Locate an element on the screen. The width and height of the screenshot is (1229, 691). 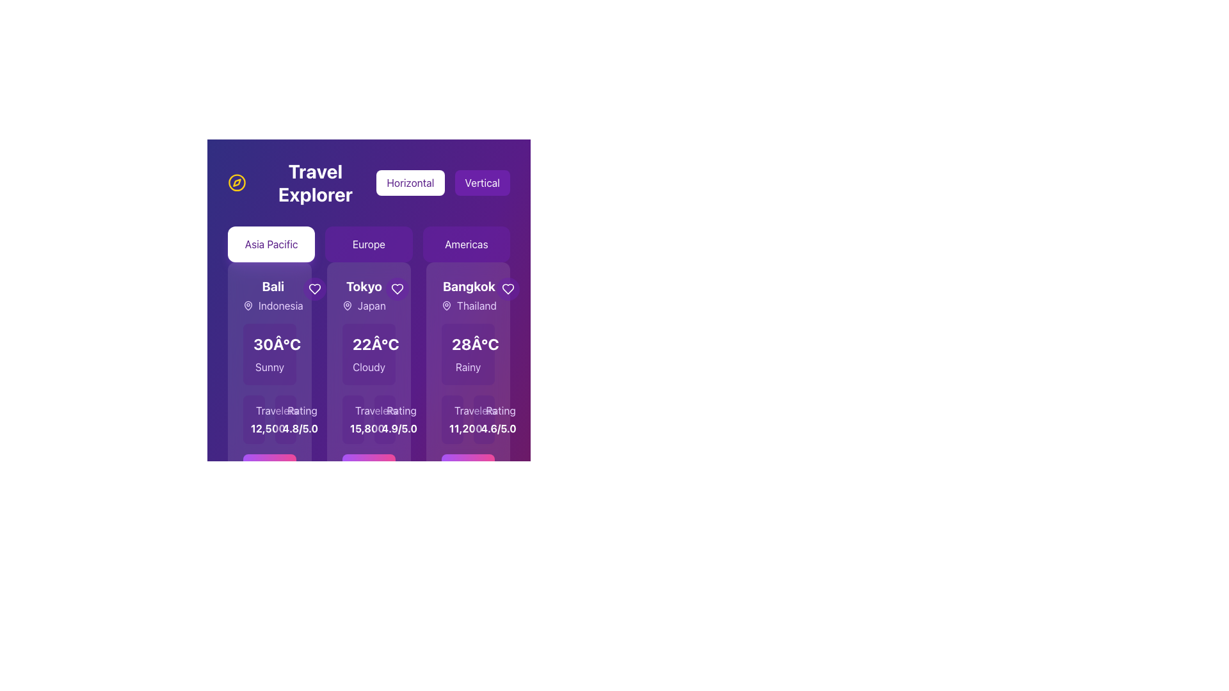
the temperature display (28°C) for Bangkok located at the top of the weather information card, which is the third card in a row of weather cards is located at coordinates (467, 343).